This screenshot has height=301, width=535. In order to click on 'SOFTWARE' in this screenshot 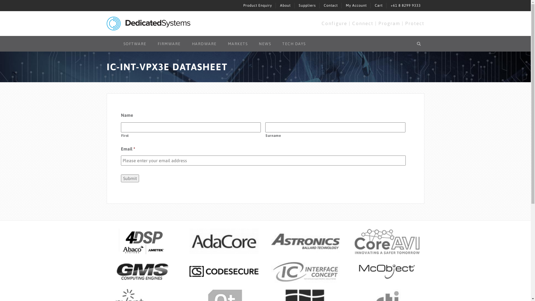, I will do `click(135, 43)`.